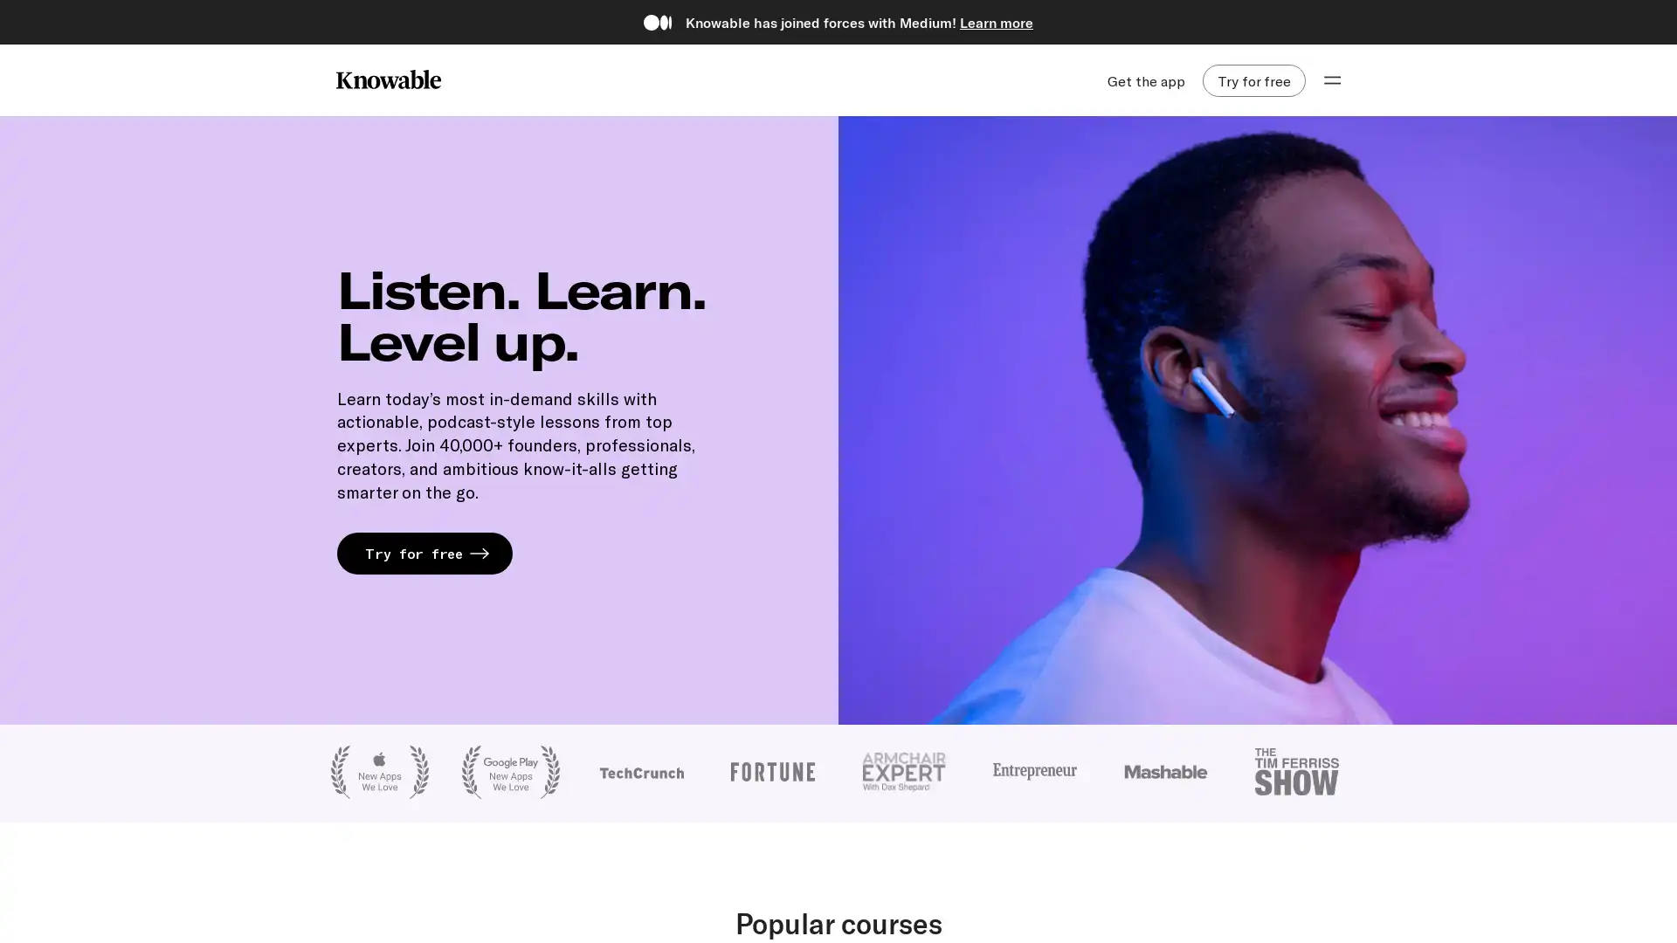 The image size is (1677, 943). What do you see at coordinates (424, 552) in the screenshot?
I see `Try for free` at bounding box center [424, 552].